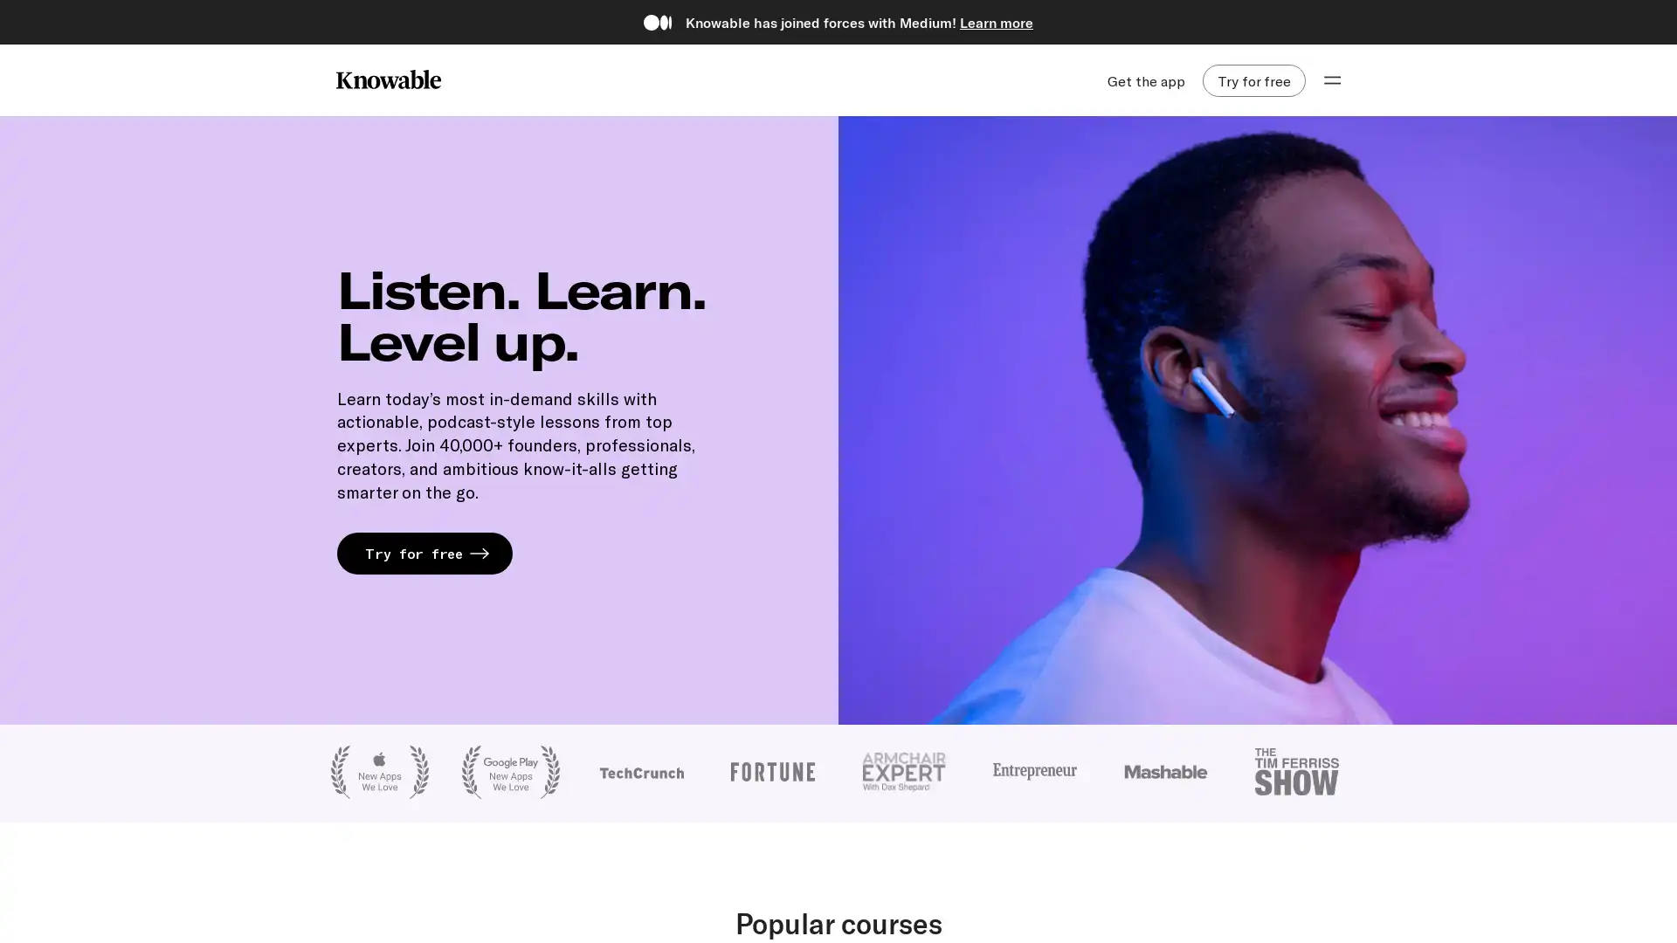 The image size is (1677, 943). What do you see at coordinates (424, 552) in the screenshot?
I see `Try for free` at bounding box center [424, 552].